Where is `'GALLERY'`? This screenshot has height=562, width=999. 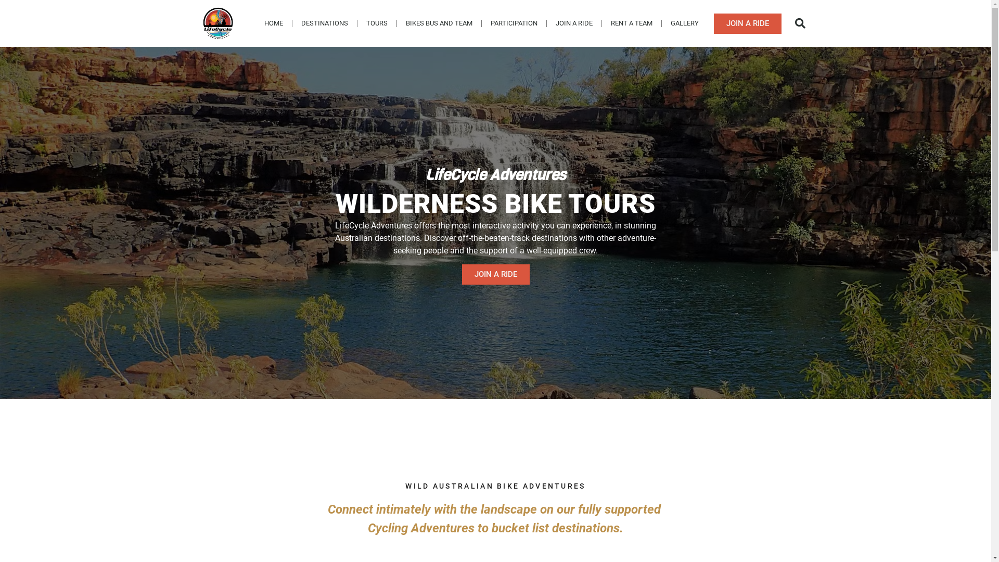 'GALLERY' is located at coordinates (684, 23).